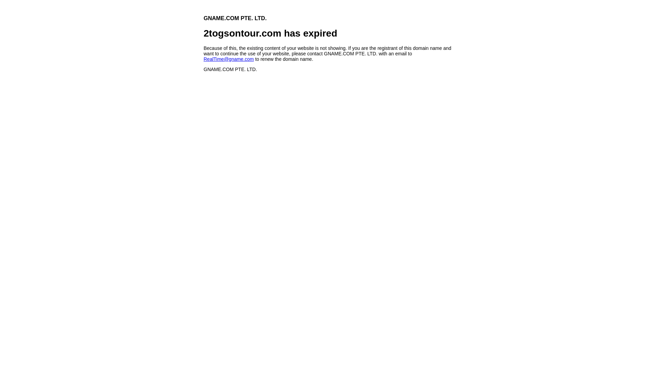  What do you see at coordinates (229, 59) in the screenshot?
I see `'RealTime@gname.com'` at bounding box center [229, 59].